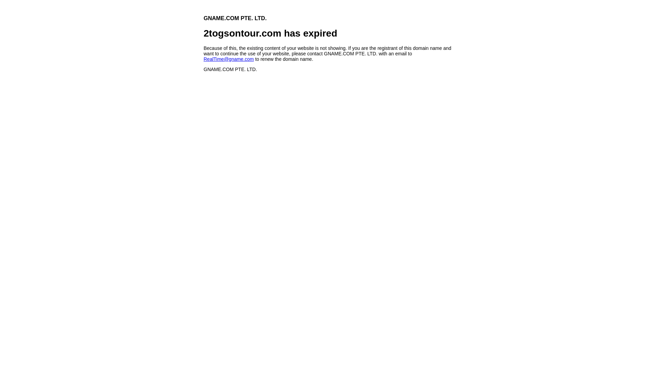  What do you see at coordinates (229, 59) in the screenshot?
I see `'RealTime@gname.com'` at bounding box center [229, 59].